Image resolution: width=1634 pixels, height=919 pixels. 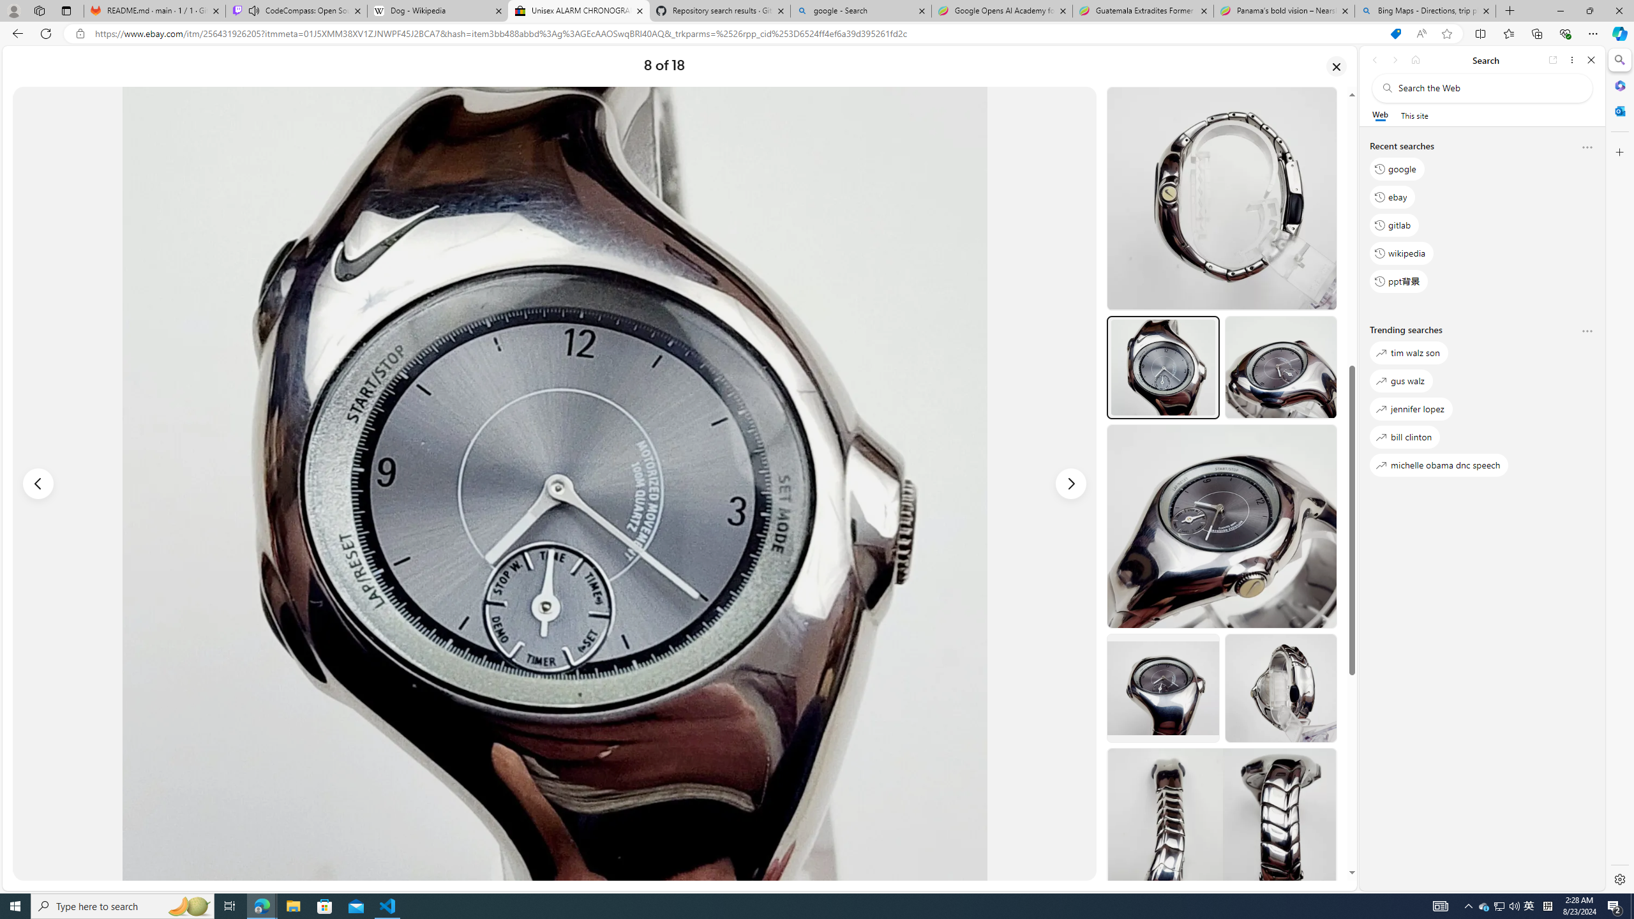 I want to click on 'bill clinton', so click(x=1405, y=436).